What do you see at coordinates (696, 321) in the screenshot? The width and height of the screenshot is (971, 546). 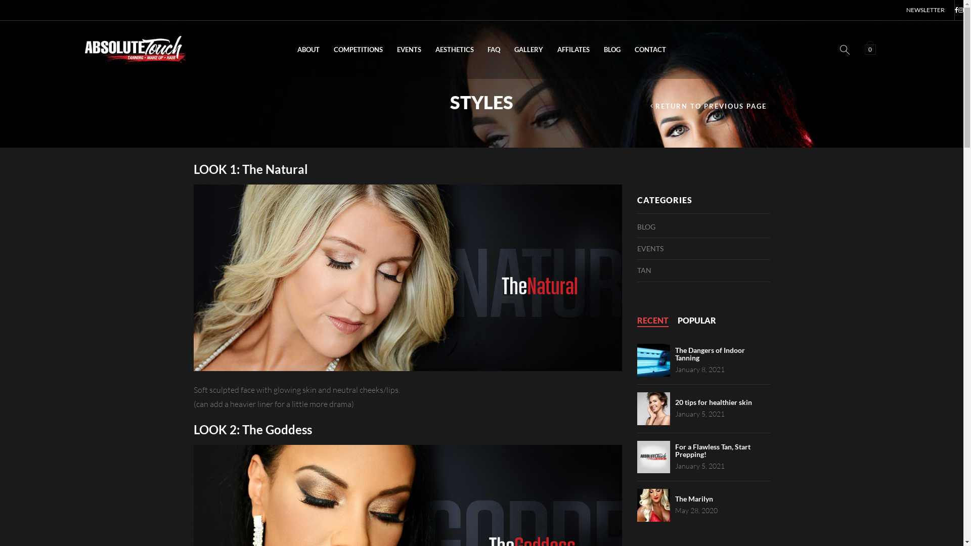 I see `'POPULAR'` at bounding box center [696, 321].